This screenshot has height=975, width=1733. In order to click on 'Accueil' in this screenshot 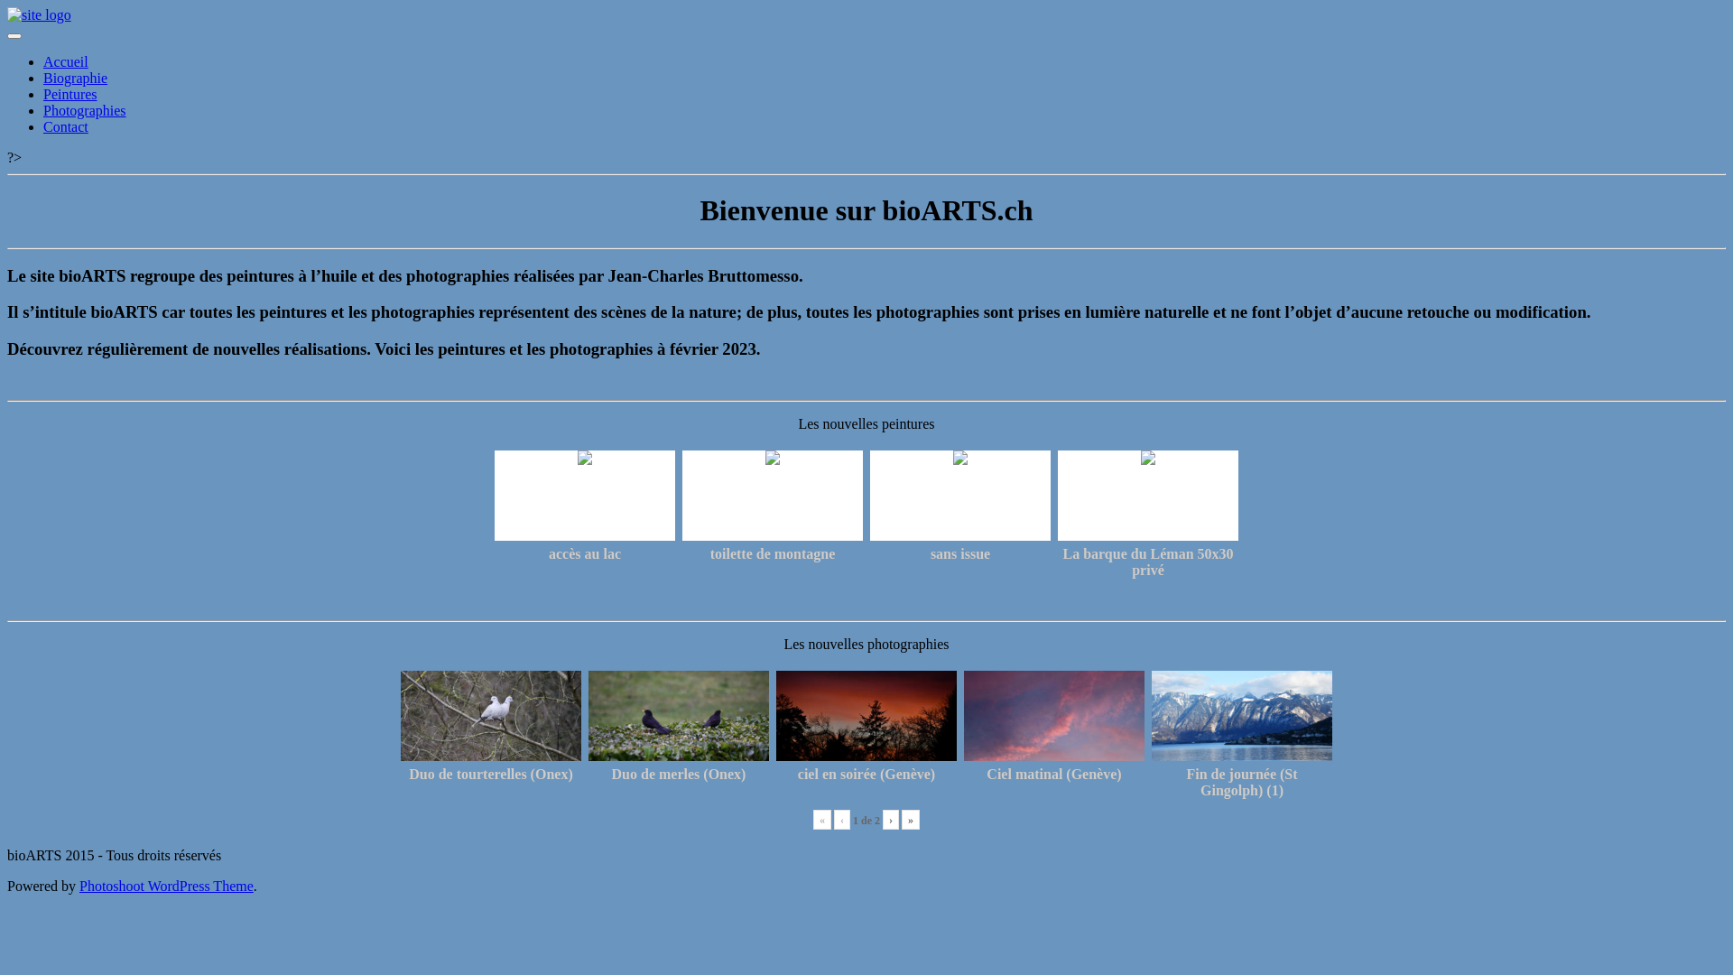, I will do `click(65, 60)`.